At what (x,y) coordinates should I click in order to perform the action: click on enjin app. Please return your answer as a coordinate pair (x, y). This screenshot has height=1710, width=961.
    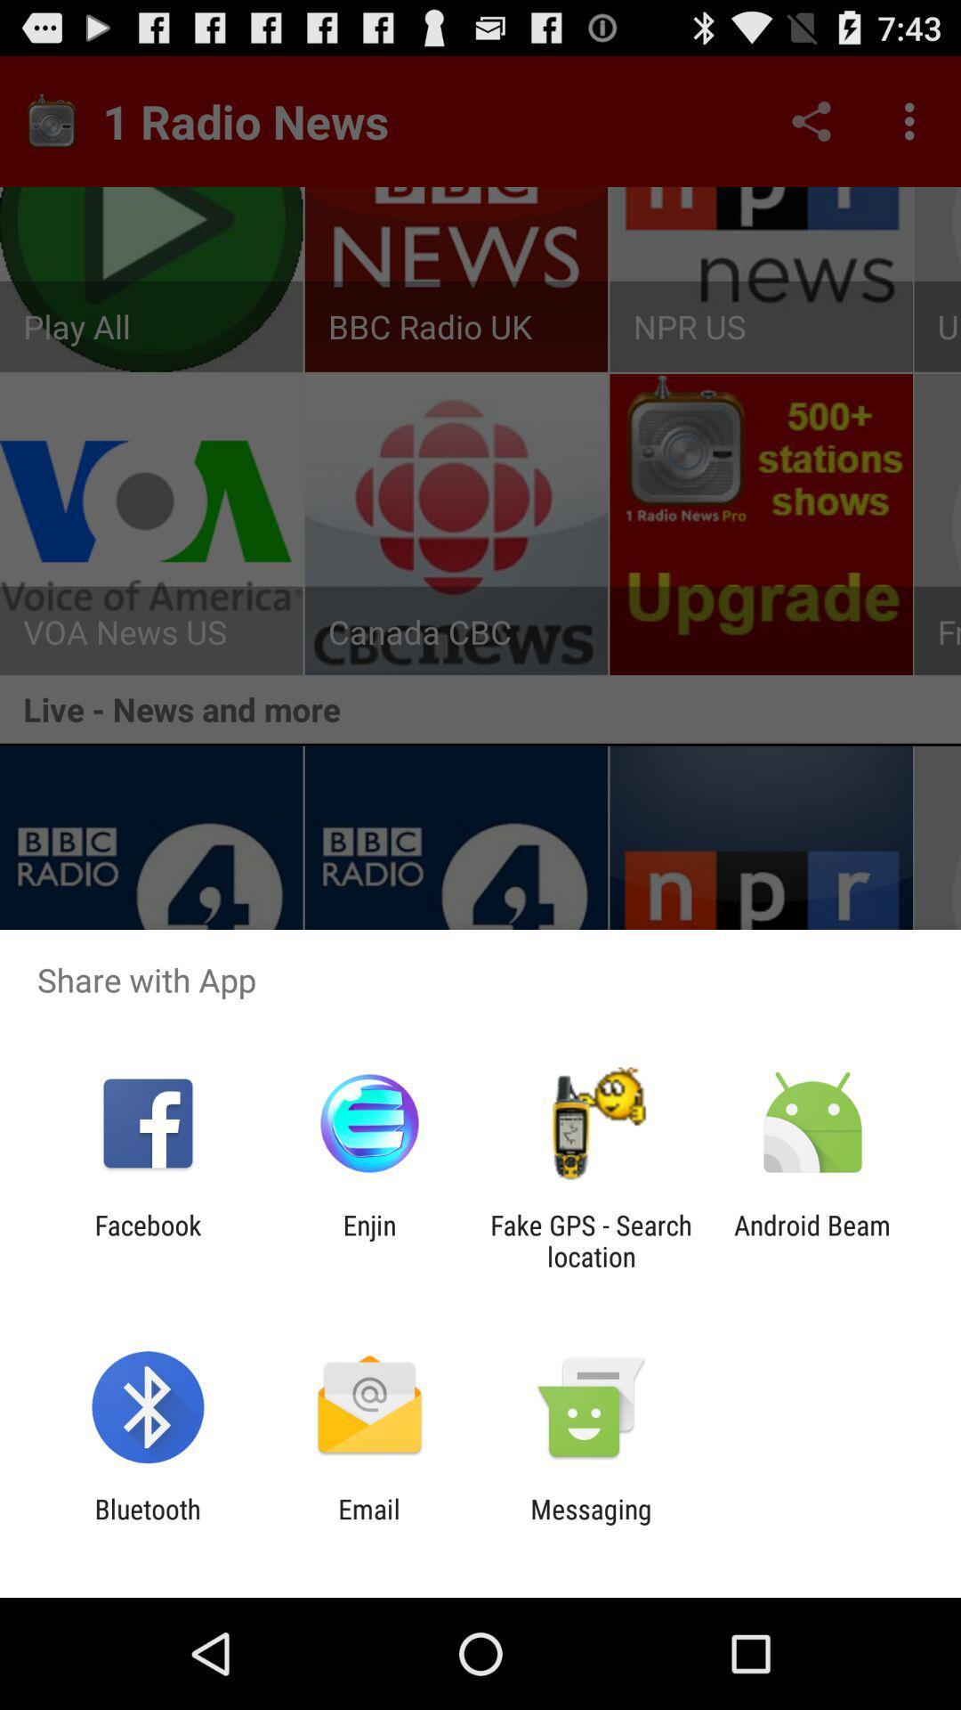
    Looking at the image, I should click on (368, 1240).